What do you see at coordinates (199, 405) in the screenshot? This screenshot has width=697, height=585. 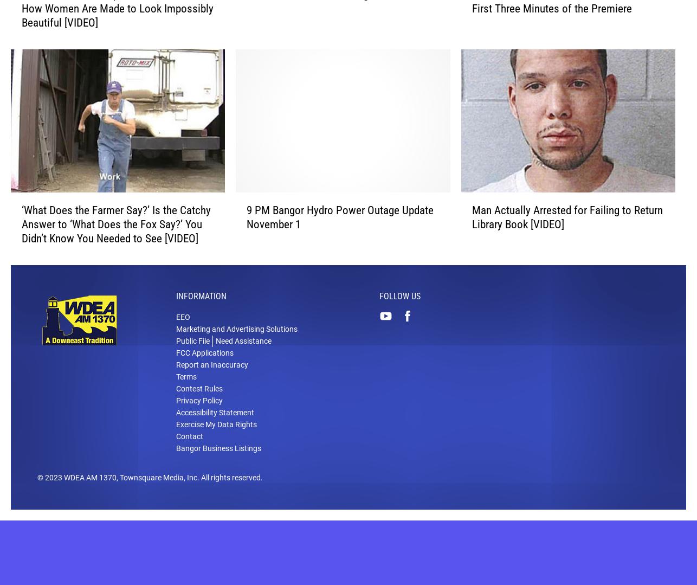 I see `'Contest Rules'` at bounding box center [199, 405].